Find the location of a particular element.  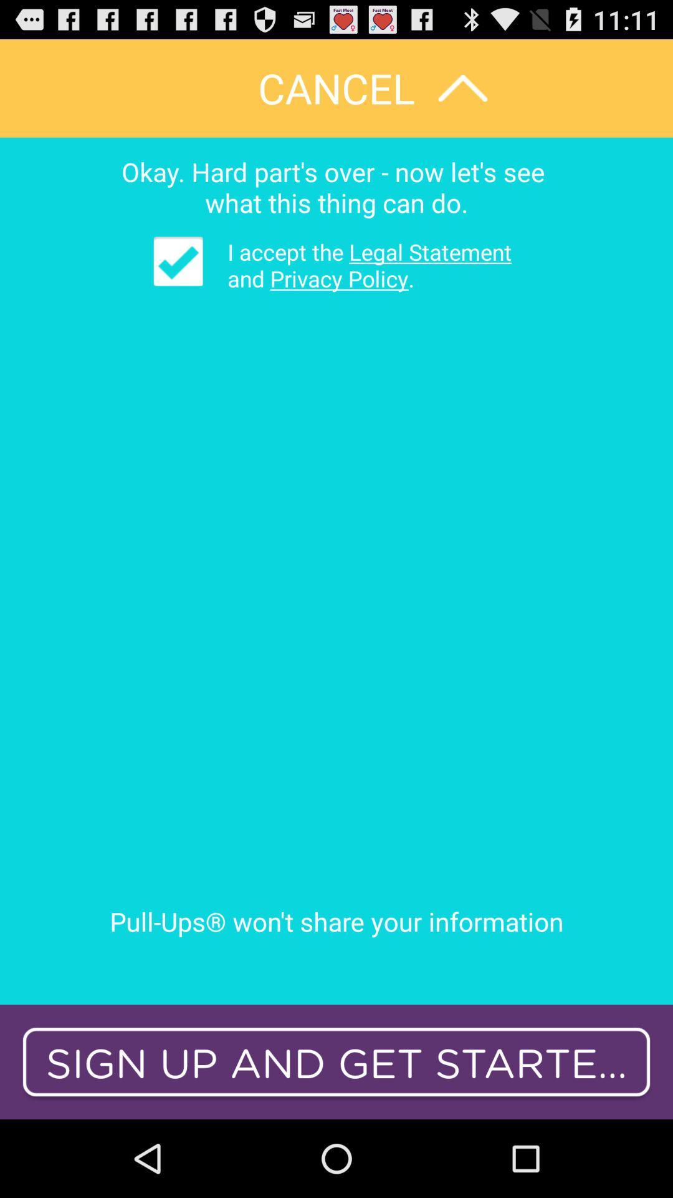

the check icon is located at coordinates (178, 279).